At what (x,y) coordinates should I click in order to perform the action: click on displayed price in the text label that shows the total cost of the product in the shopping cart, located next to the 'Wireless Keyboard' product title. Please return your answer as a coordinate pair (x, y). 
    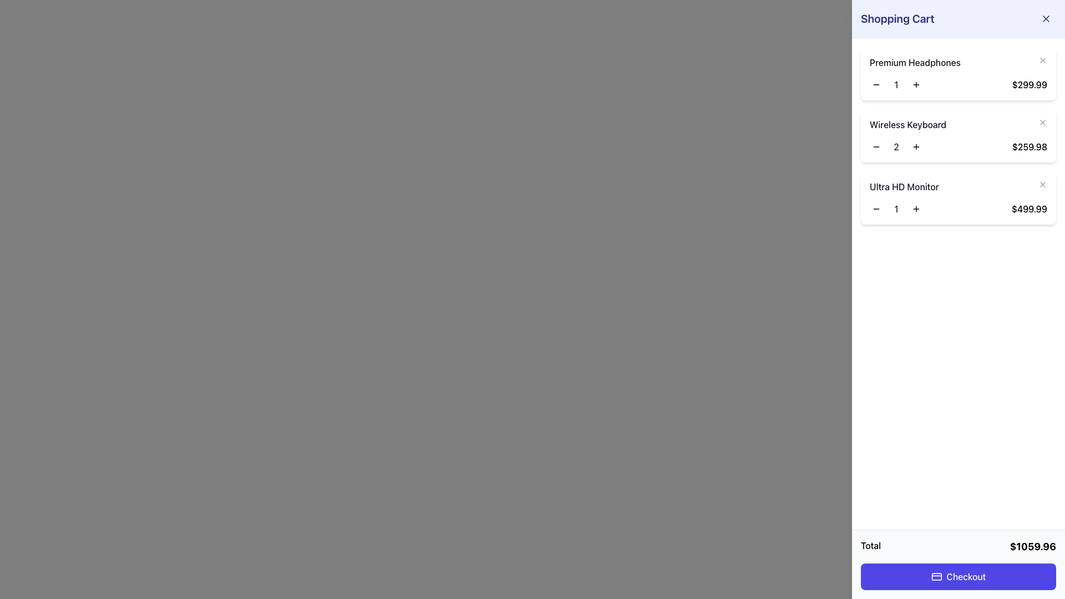
    Looking at the image, I should click on (1029, 146).